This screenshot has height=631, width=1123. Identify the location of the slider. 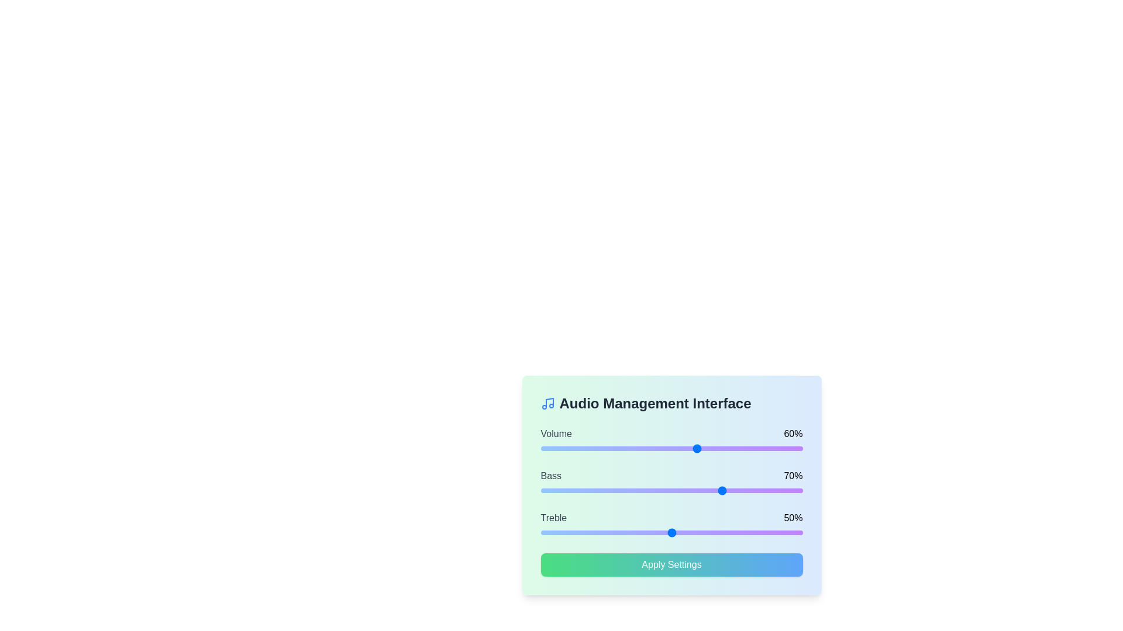
(715, 491).